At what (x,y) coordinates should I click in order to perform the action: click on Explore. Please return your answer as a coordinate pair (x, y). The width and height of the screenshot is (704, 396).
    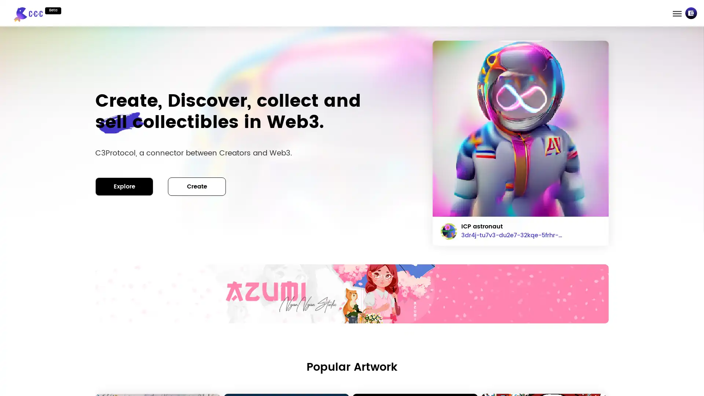
    Looking at the image, I should click on (124, 186).